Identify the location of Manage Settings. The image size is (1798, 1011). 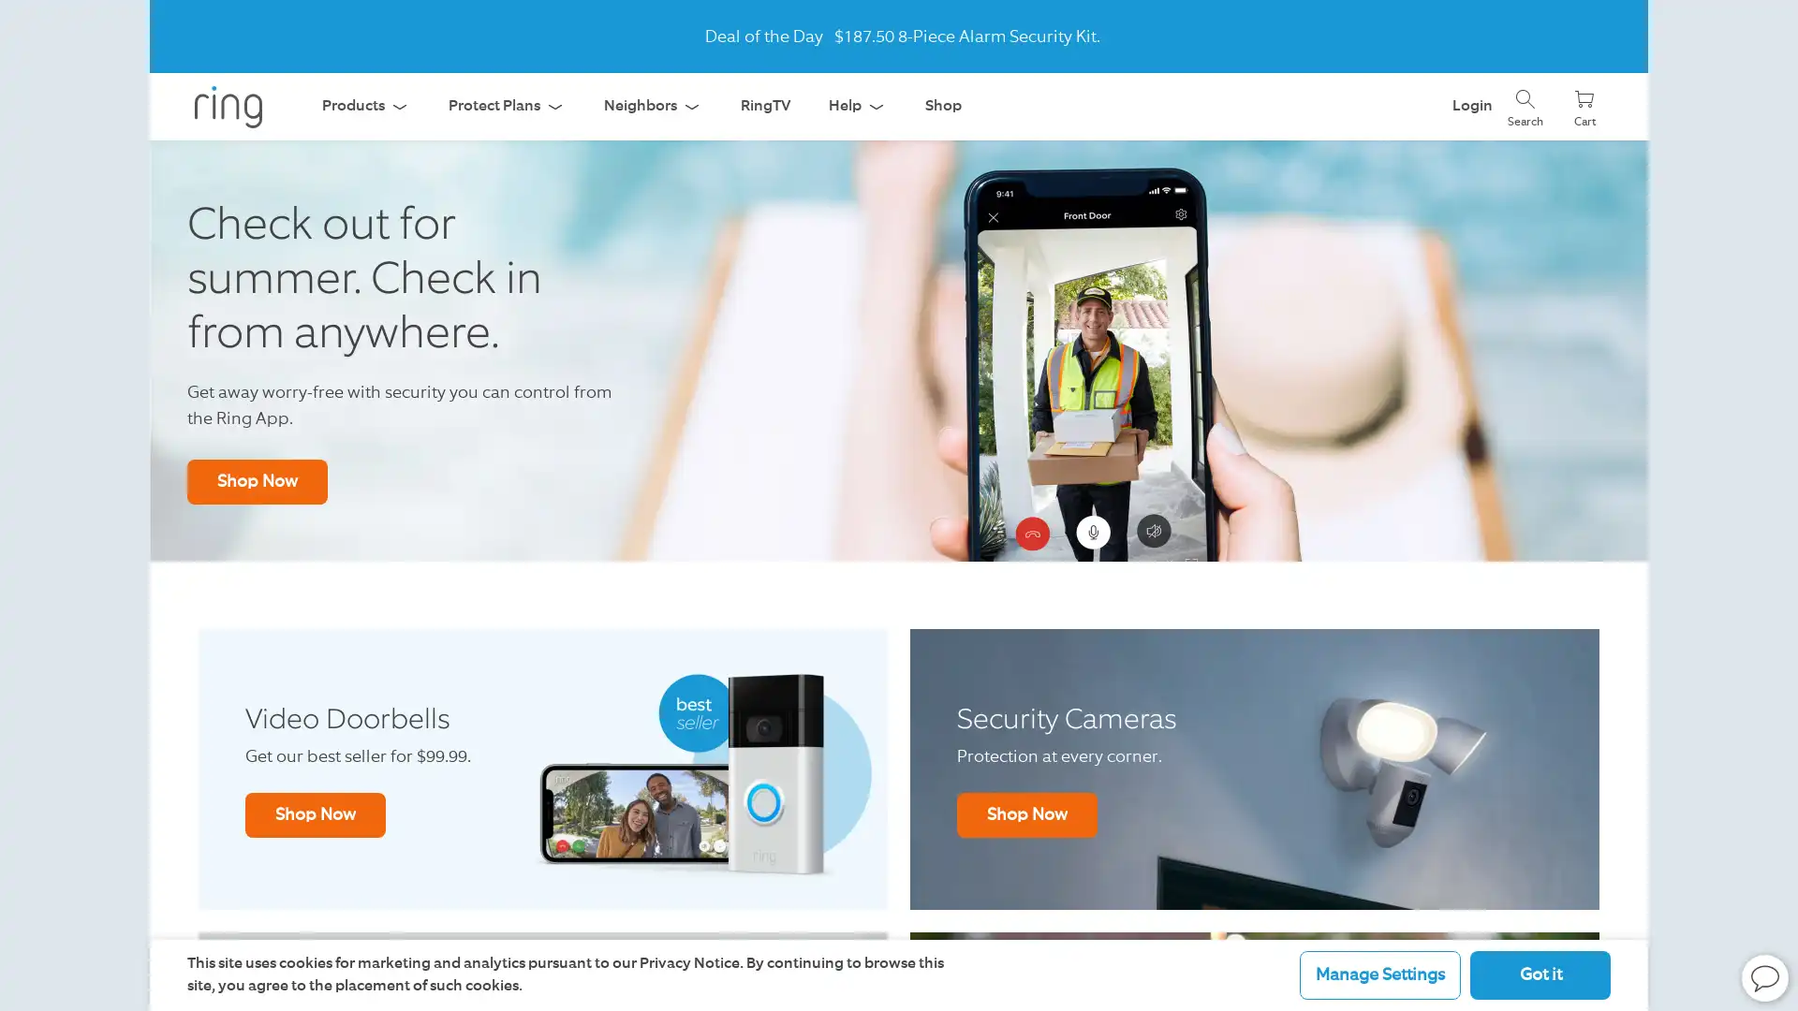
(1379, 974).